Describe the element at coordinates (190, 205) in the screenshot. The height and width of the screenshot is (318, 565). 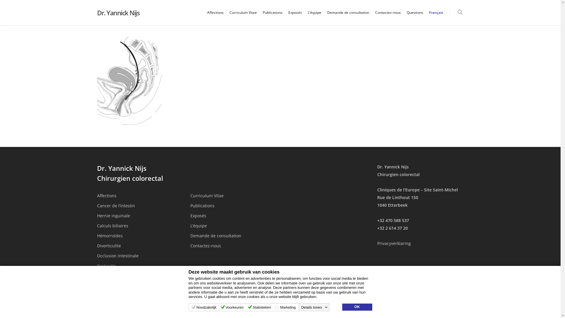
I see `'Publications'` at that location.